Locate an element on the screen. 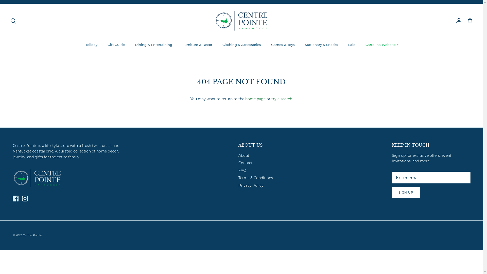 The image size is (487, 274). 'FAQ' is located at coordinates (242, 170).